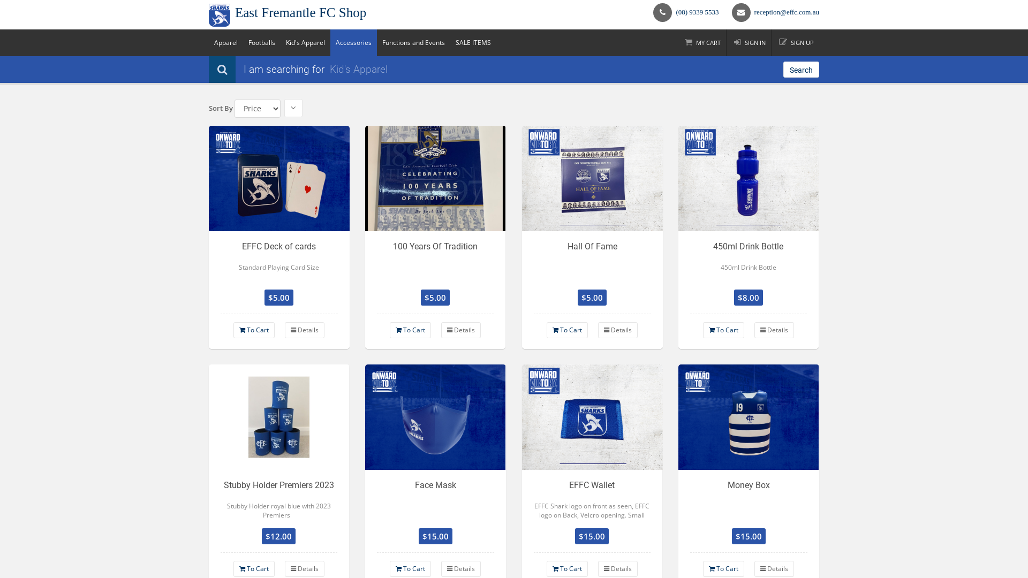 Image resolution: width=1028 pixels, height=578 pixels. I want to click on '$5.00', so click(279, 297).